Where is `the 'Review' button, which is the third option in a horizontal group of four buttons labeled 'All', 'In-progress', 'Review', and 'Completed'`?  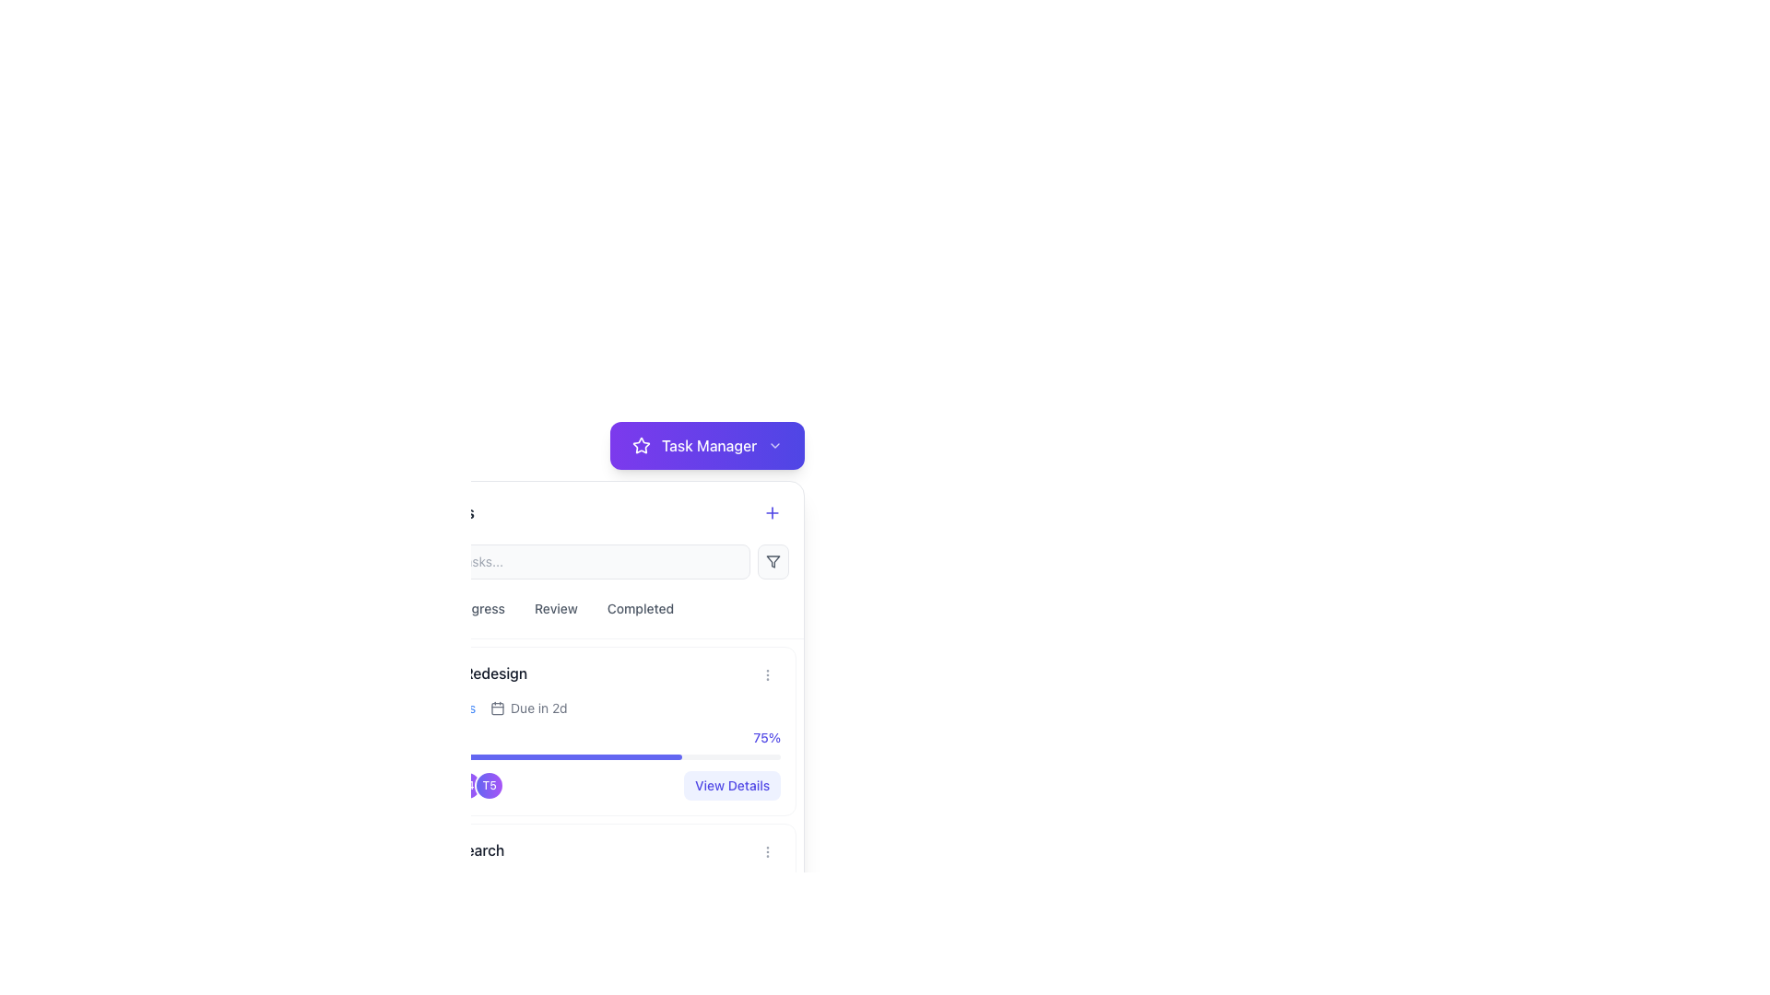
the 'Review' button, which is the third option in a horizontal group of four buttons labeled 'All', 'In-progress', 'Review', and 'Completed' is located at coordinates (555, 608).